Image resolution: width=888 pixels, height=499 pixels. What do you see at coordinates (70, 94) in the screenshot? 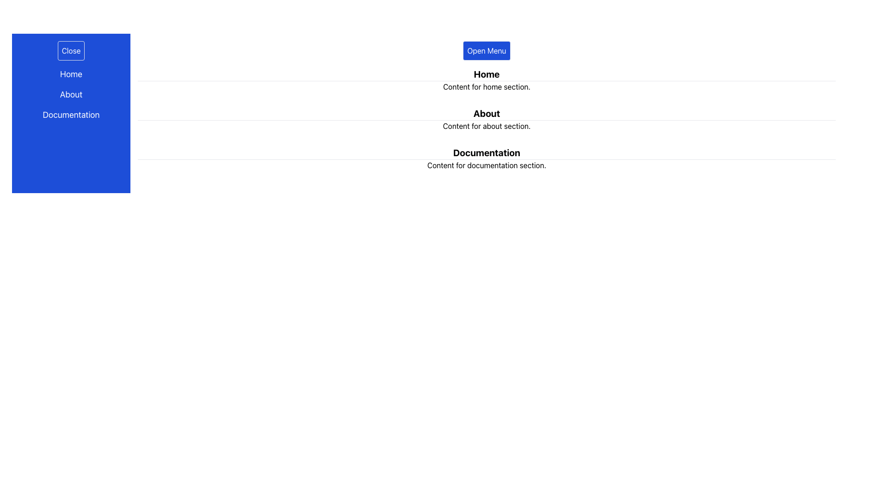
I see `the 'About' navigation link, which is a prominent white text on a blue background, located in the left sidebar above the 'Documentation' link` at bounding box center [70, 94].